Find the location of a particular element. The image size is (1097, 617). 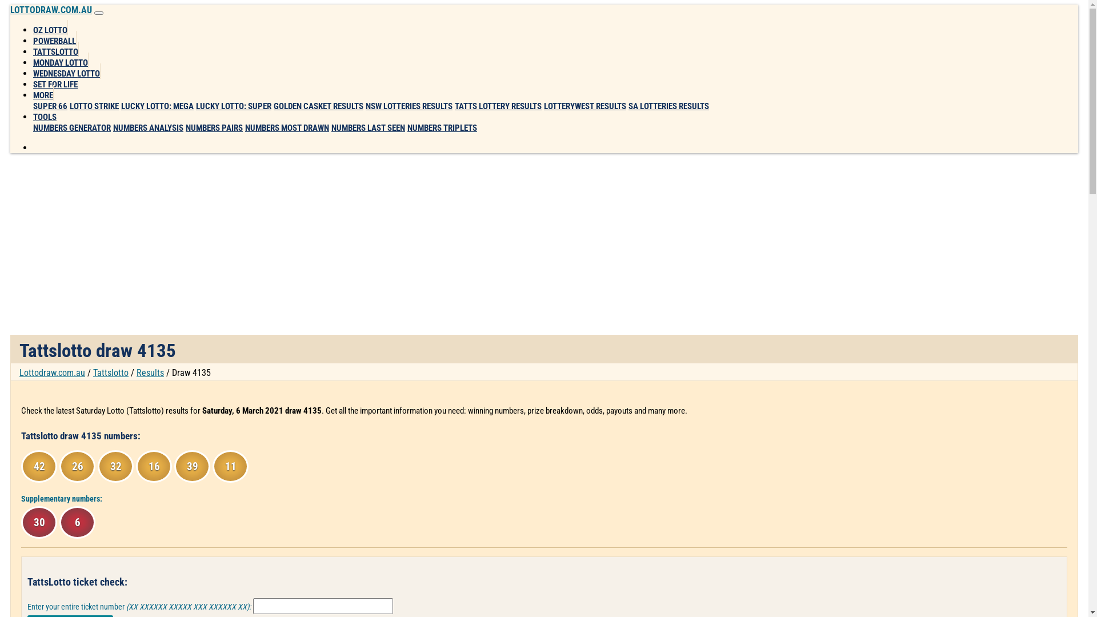

'SUPER 66' is located at coordinates (33, 106).